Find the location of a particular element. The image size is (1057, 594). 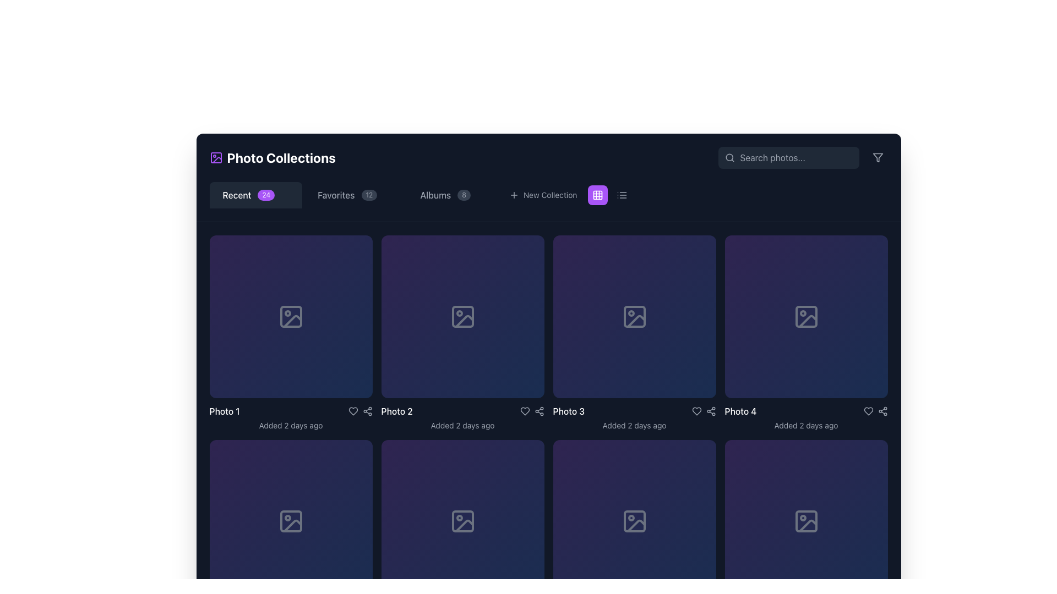

the rounded rectangle section of the SVG grid layout icon located in the navigation bar, positioned between the 'New Collection' button and another control button is located at coordinates (597, 194).